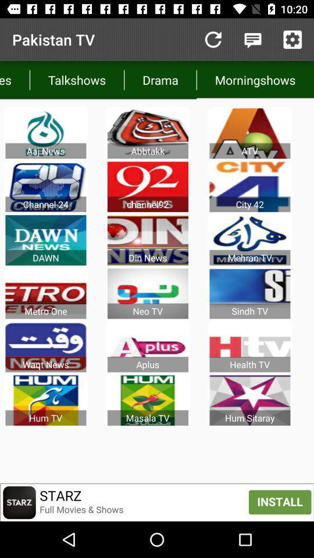 Image resolution: width=314 pixels, height=558 pixels. What do you see at coordinates (292, 40) in the screenshot?
I see `settings` at bounding box center [292, 40].